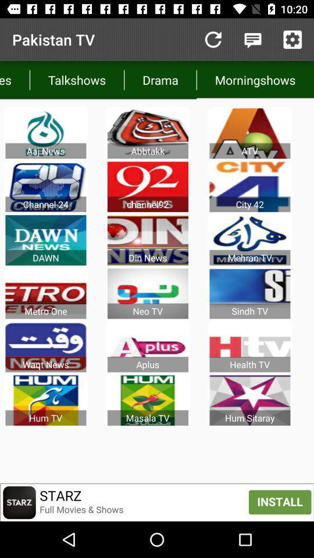 Image resolution: width=314 pixels, height=558 pixels. What do you see at coordinates (292, 40) in the screenshot?
I see `settings` at bounding box center [292, 40].